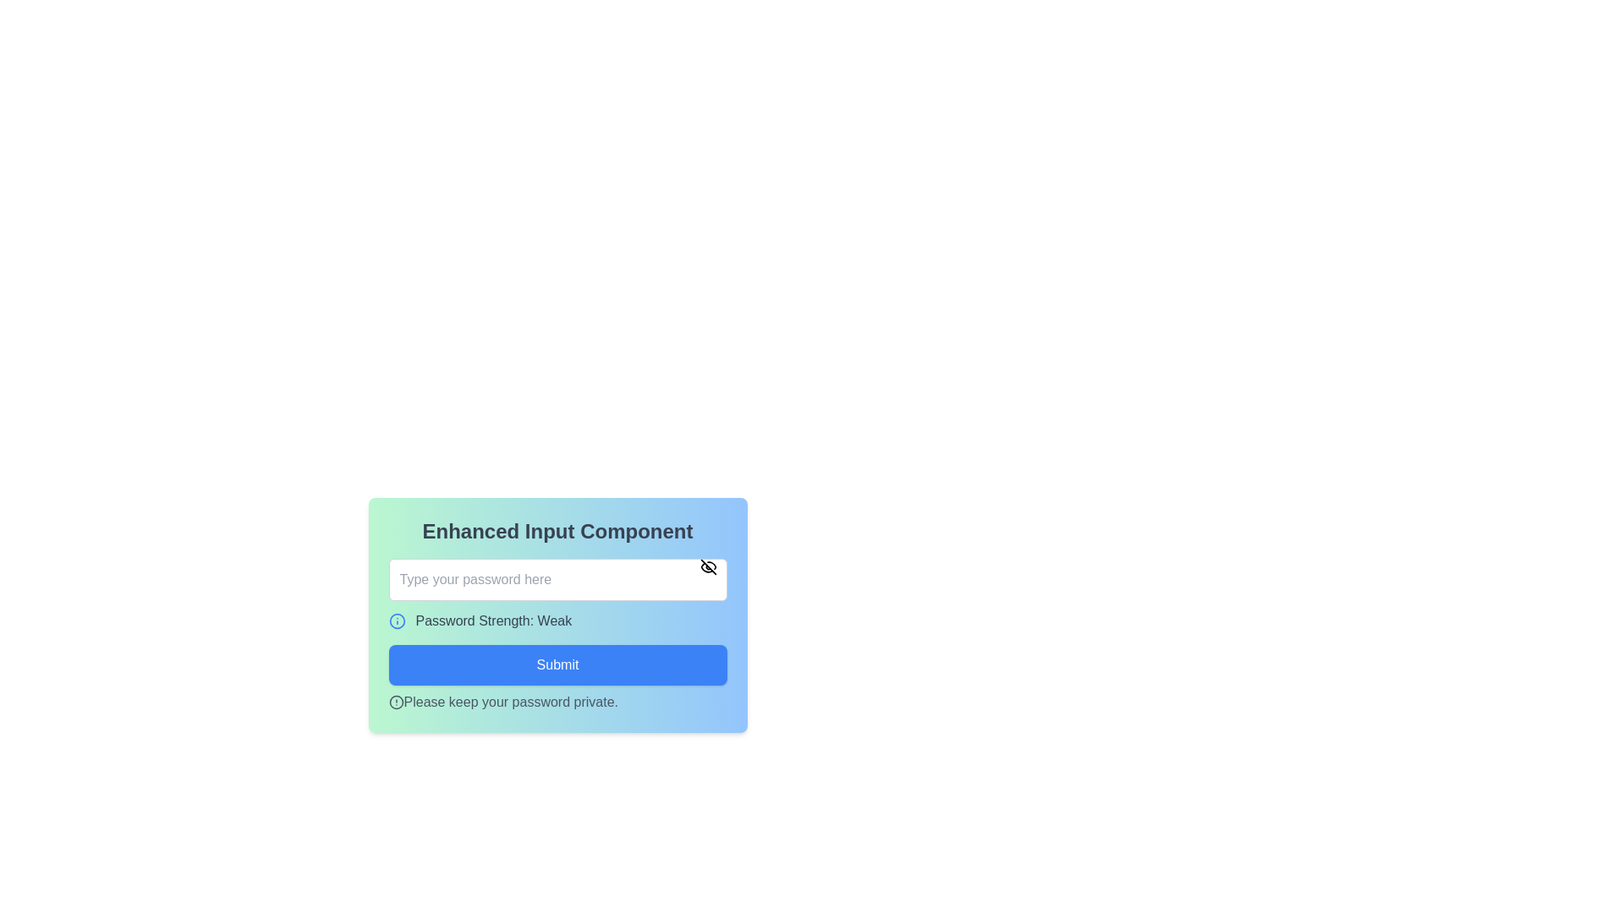 Image resolution: width=1624 pixels, height=913 pixels. What do you see at coordinates (557, 664) in the screenshot?
I see `the submit button located within the 'Enhanced Input Component', positioned below the 'Password Strength: Weak' label` at bounding box center [557, 664].